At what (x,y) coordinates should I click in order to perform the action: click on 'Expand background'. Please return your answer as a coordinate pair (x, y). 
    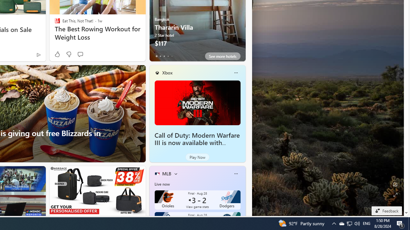
    Looking at the image, I should click on (395, 195).